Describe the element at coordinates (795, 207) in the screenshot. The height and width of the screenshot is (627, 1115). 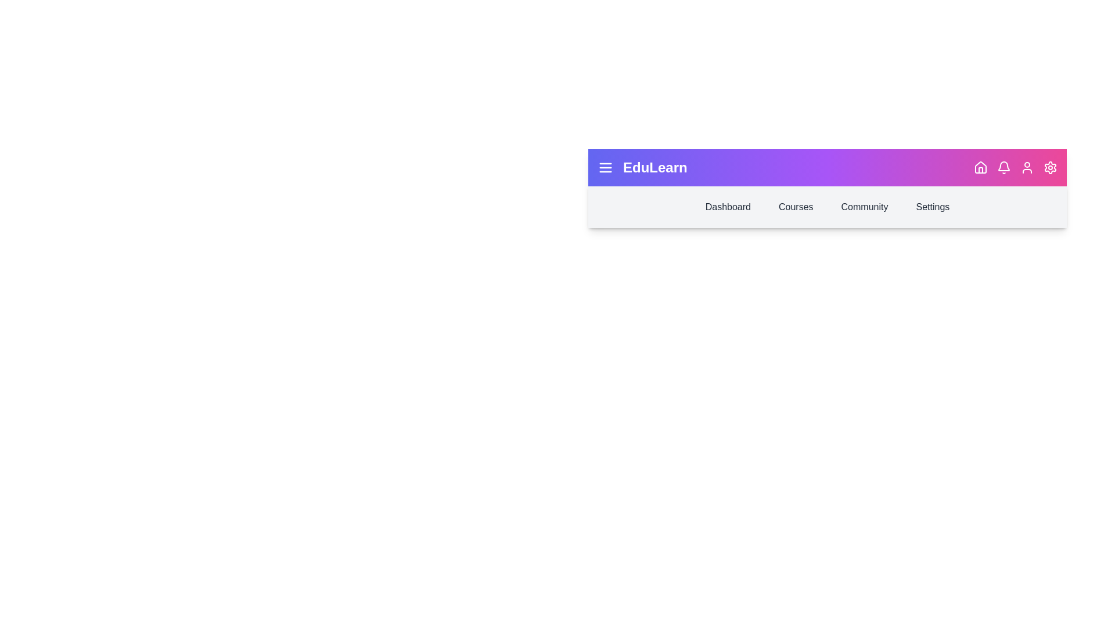
I see `the Courses navigation link in the header` at that location.